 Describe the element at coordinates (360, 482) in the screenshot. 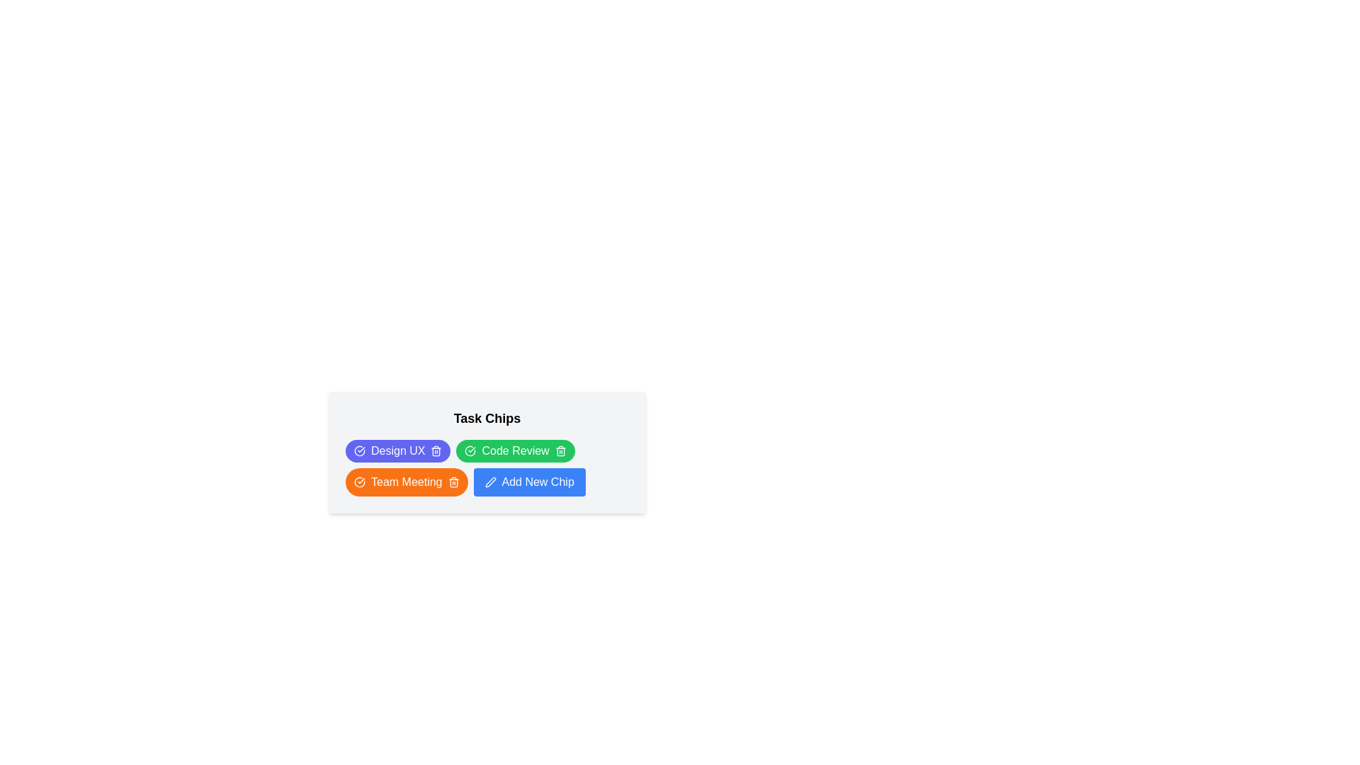

I see `the circular checkmark icon located at the beginning of the 'Team Meeting' chip, which is the third chip in the second row` at that location.